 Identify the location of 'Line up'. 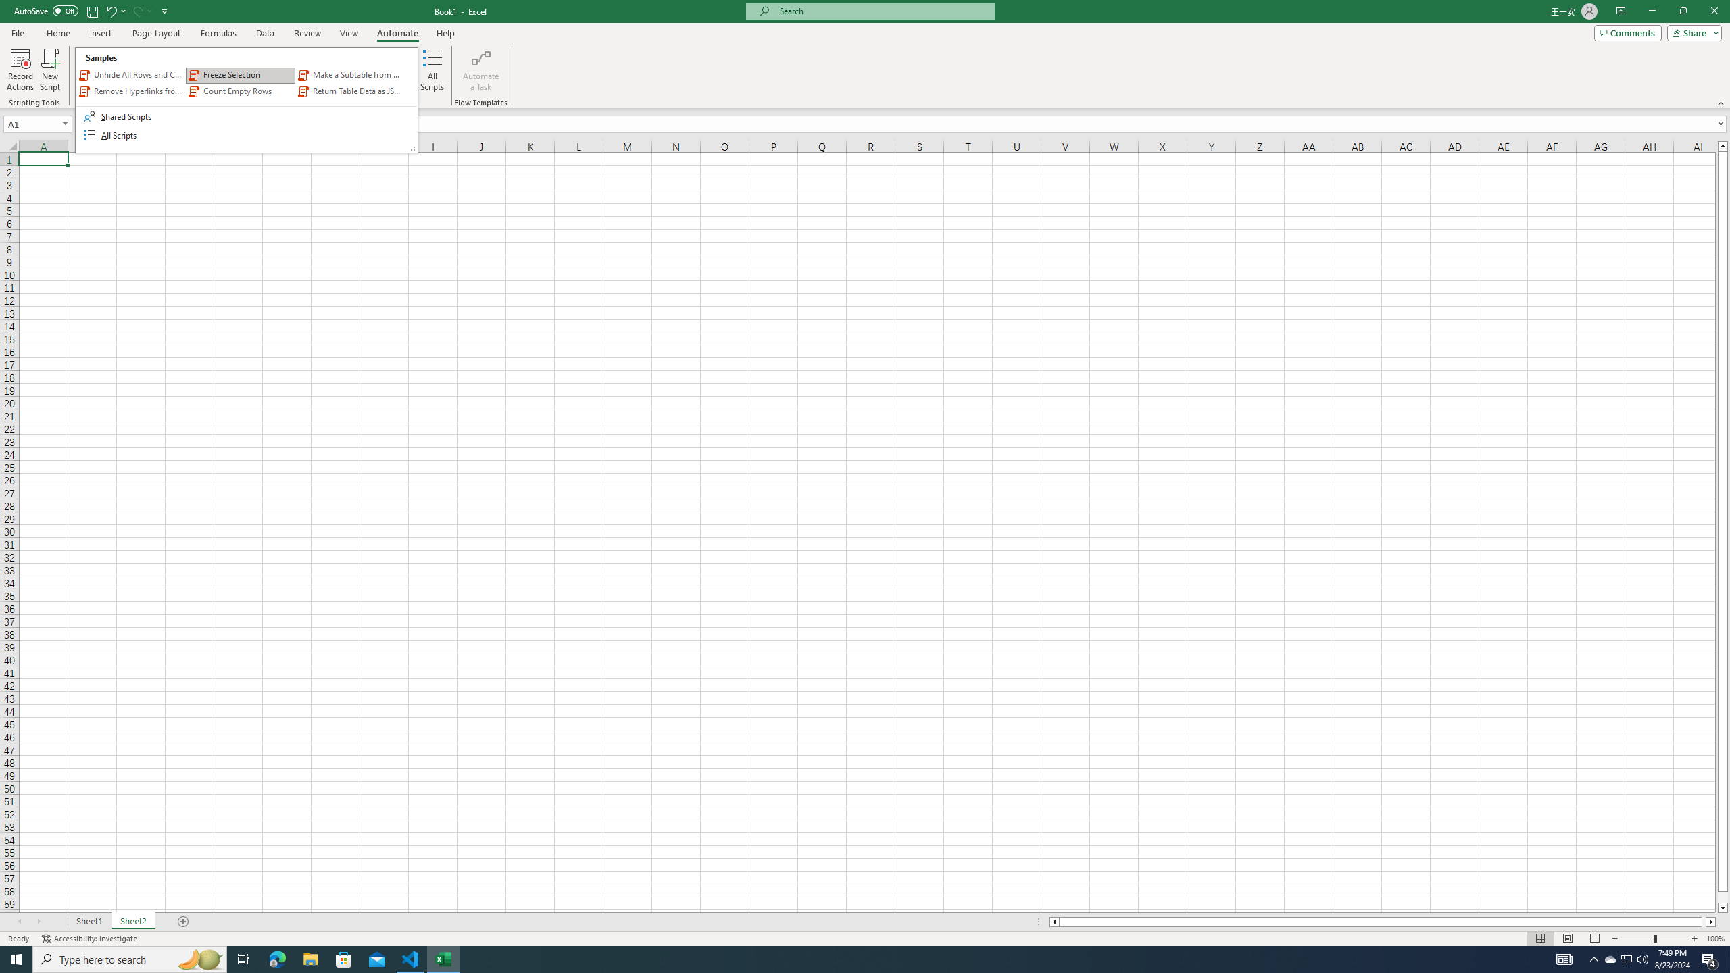
(1722, 145).